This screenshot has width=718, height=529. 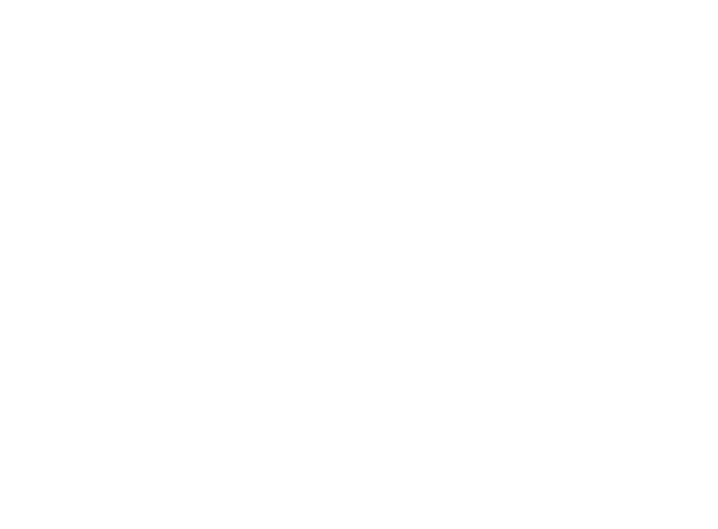 I want to click on '614 Chapel Drive, Box 90563, Durham, NC 27708-0563(919) 684-2823', so click(x=287, y=513).